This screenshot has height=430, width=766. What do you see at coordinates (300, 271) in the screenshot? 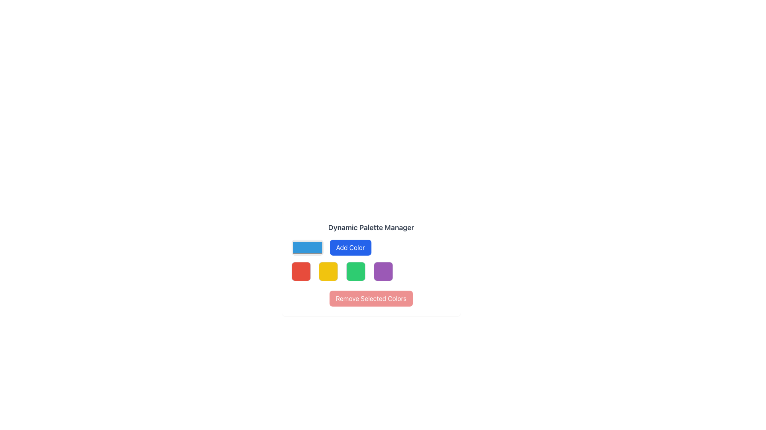
I see `the color swatch representing the red color` at bounding box center [300, 271].